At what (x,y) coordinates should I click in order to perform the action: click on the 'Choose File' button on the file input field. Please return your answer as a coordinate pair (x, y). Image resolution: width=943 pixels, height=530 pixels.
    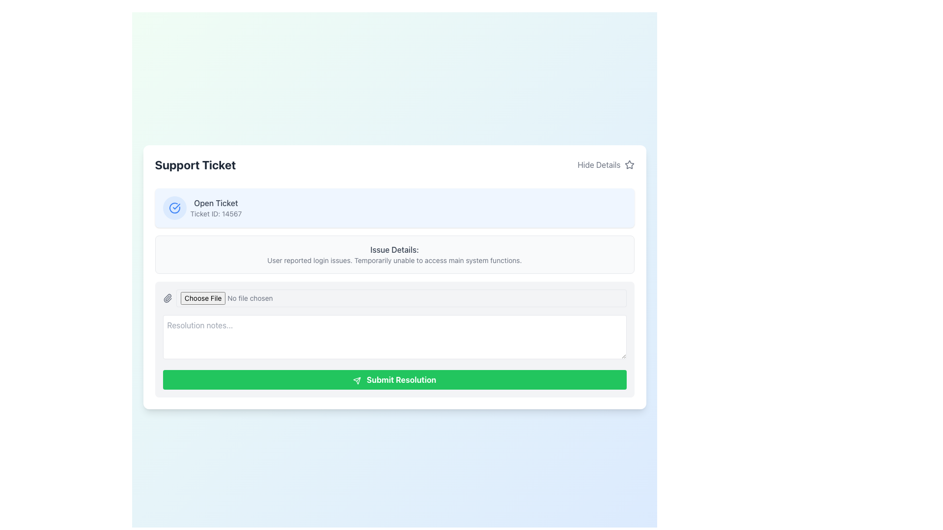
    Looking at the image, I should click on (394, 298).